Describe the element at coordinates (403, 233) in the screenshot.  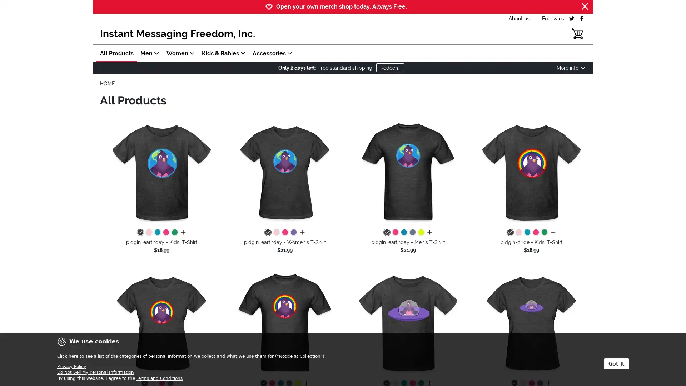
I see `turquoise` at that location.